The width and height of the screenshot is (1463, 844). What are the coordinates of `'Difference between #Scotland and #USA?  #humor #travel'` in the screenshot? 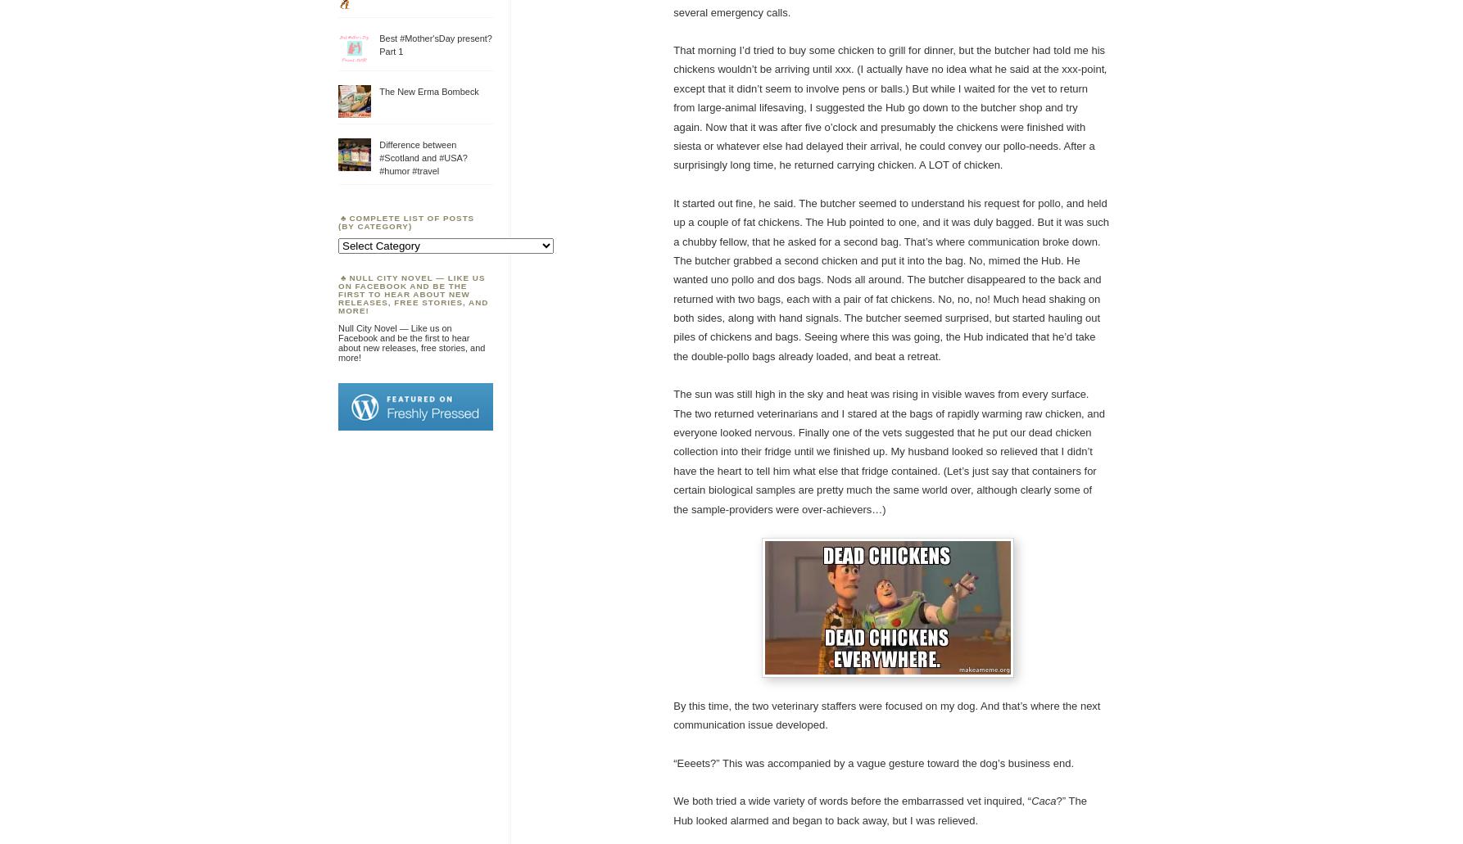 It's located at (422, 156).